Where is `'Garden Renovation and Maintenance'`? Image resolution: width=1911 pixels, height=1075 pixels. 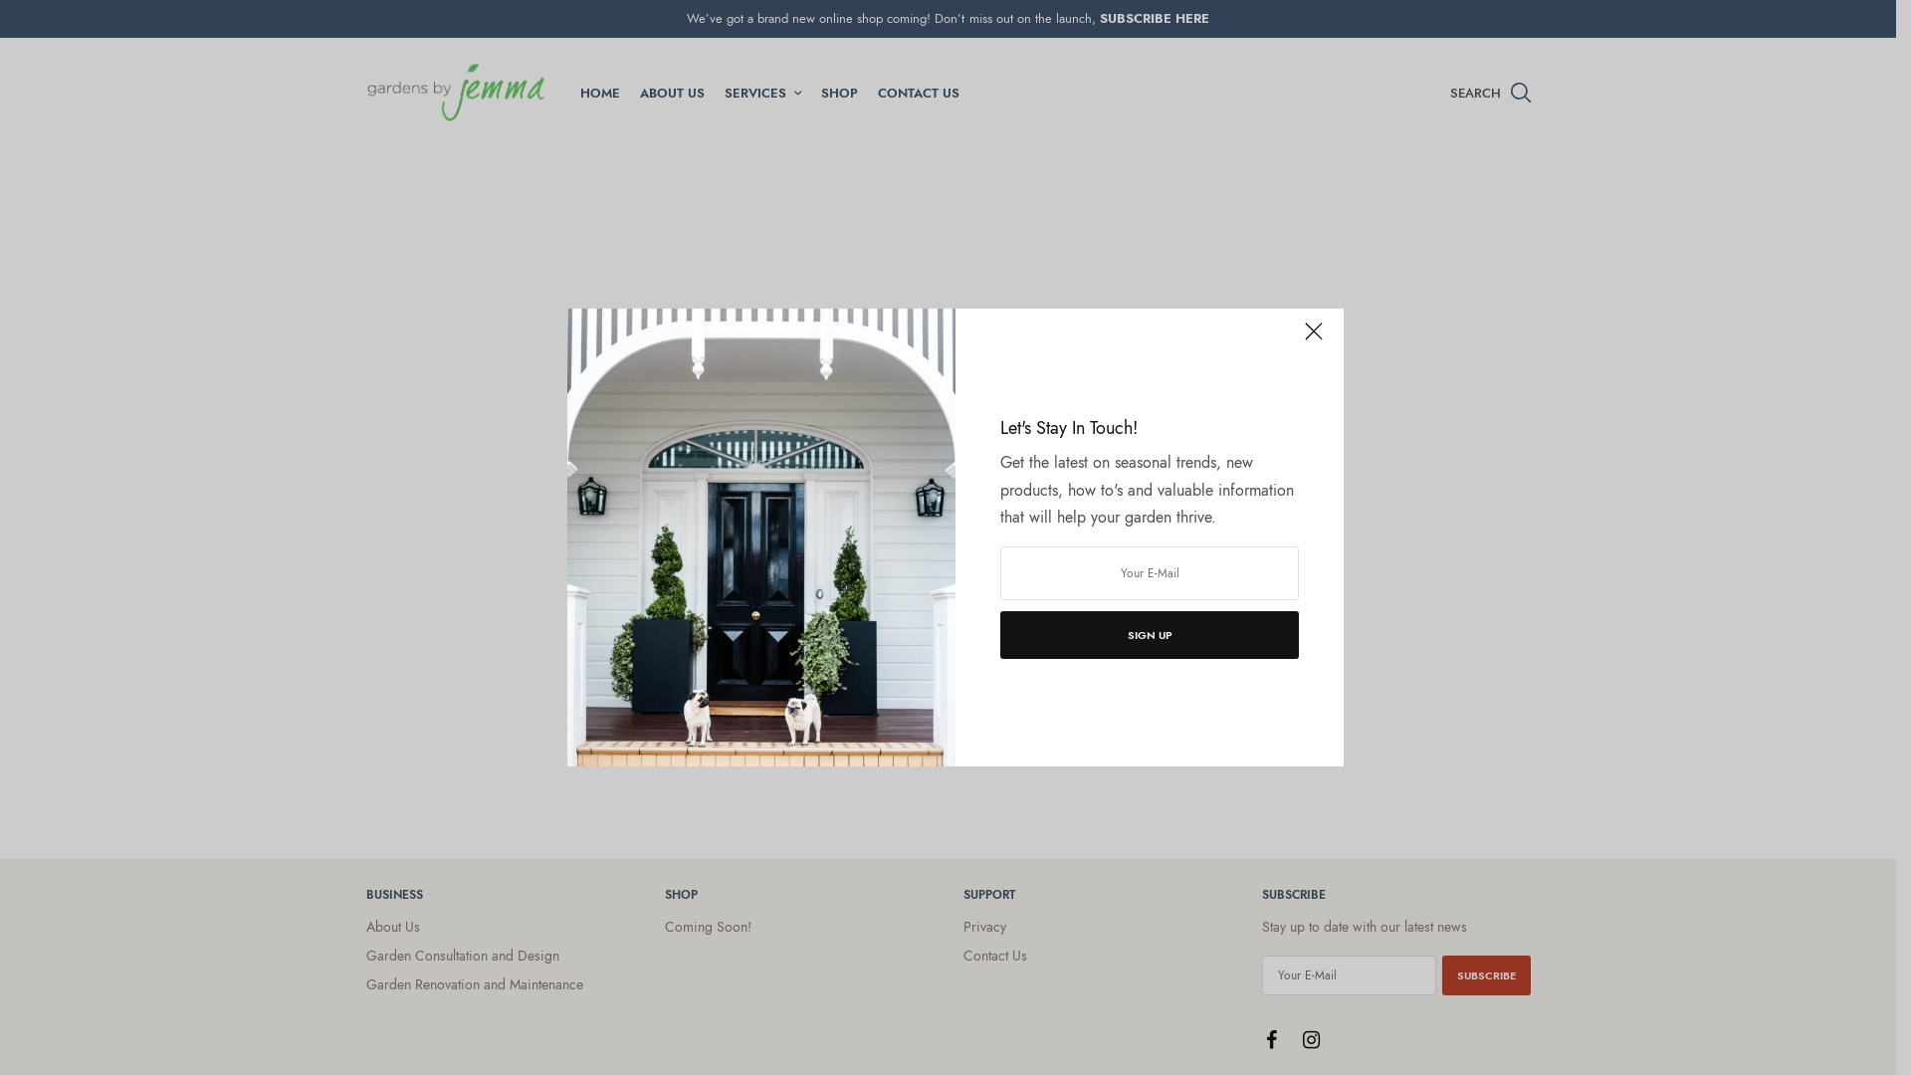
'Garden Renovation and Maintenance' is located at coordinates (366, 981).